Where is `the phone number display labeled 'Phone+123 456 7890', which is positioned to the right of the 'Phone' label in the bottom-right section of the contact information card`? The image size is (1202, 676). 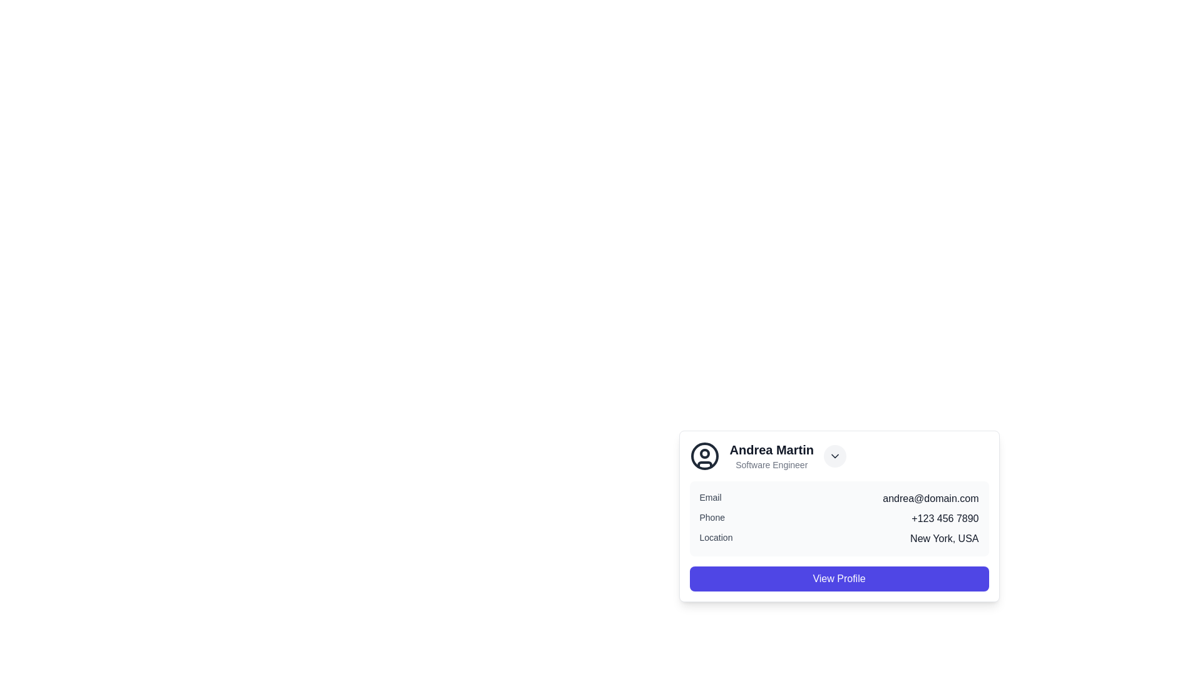
the phone number display labeled 'Phone+123 456 7890', which is positioned to the right of the 'Phone' label in the bottom-right section of the contact information card is located at coordinates (945, 519).